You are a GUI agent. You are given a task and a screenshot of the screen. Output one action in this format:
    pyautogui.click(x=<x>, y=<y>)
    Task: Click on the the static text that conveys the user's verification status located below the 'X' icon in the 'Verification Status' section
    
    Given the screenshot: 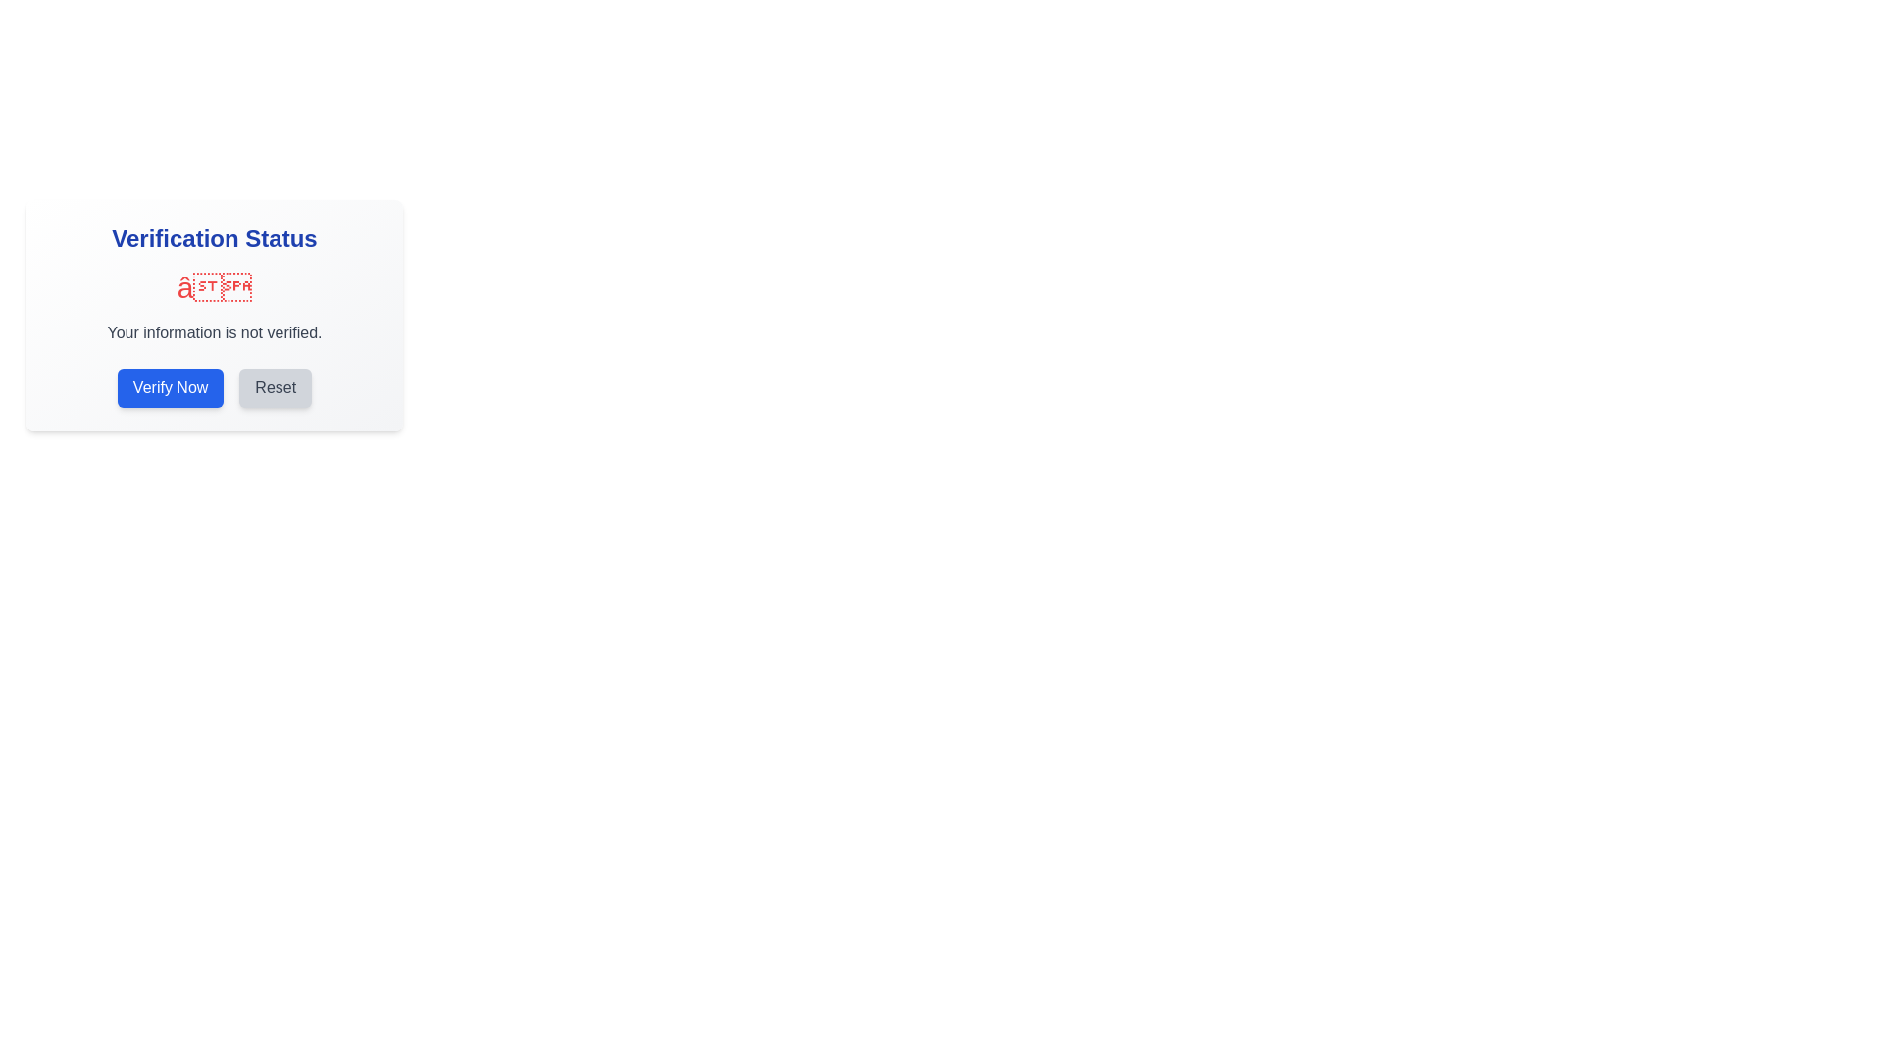 What is the action you would take?
    pyautogui.click(x=215, y=331)
    